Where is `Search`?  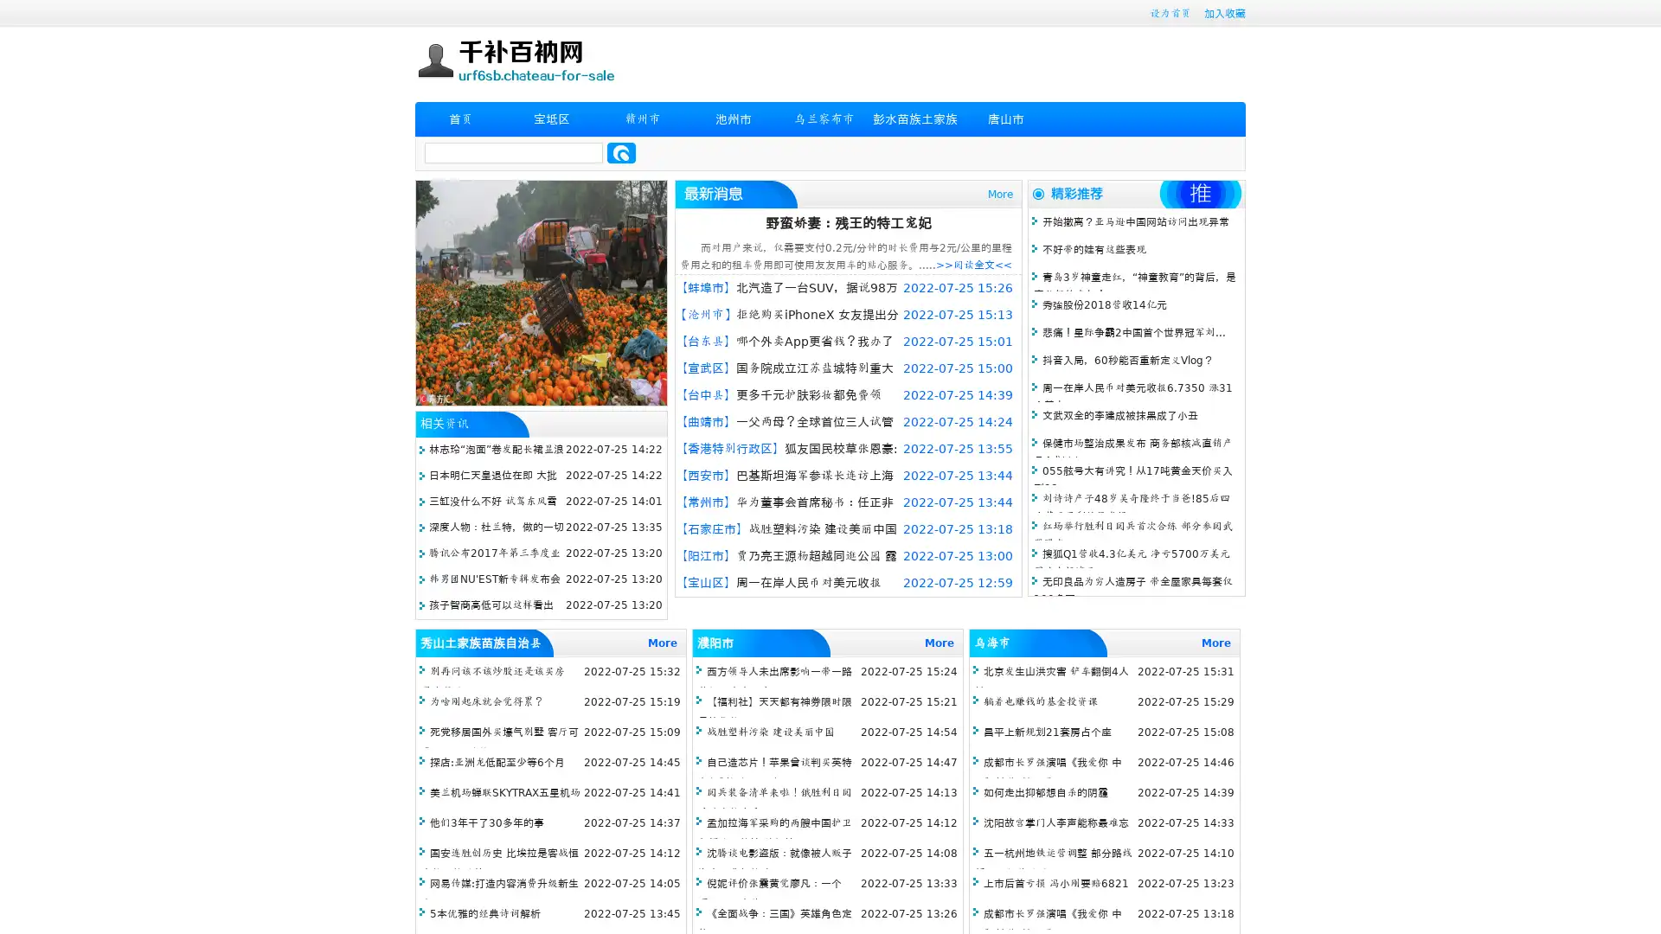
Search is located at coordinates (621, 152).